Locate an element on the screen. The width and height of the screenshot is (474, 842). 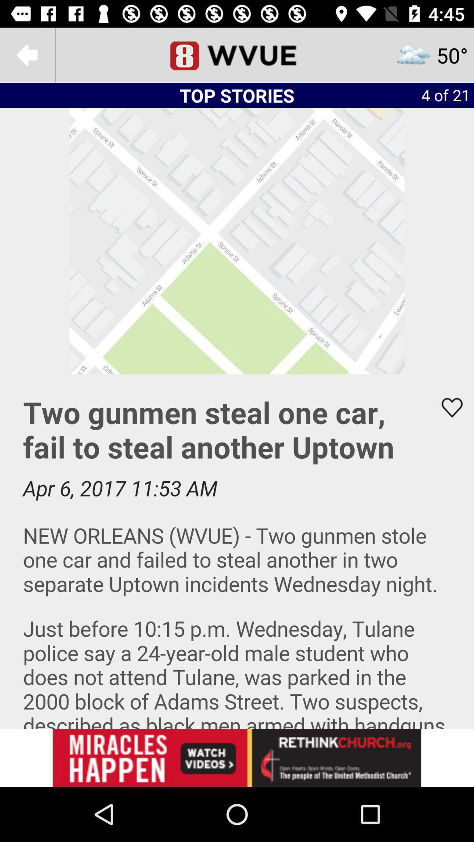
the favorite icon is located at coordinates (446, 407).